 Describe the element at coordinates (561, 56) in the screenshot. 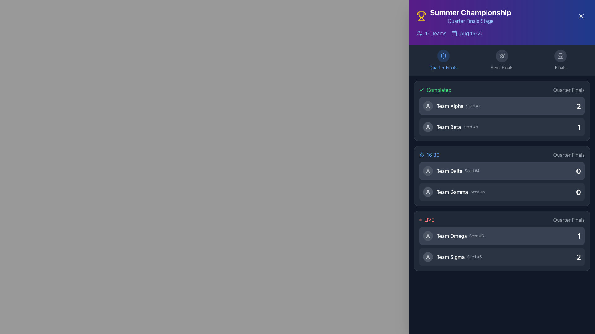

I see `the circular trophy icon located in the horizontal menu bar` at that location.